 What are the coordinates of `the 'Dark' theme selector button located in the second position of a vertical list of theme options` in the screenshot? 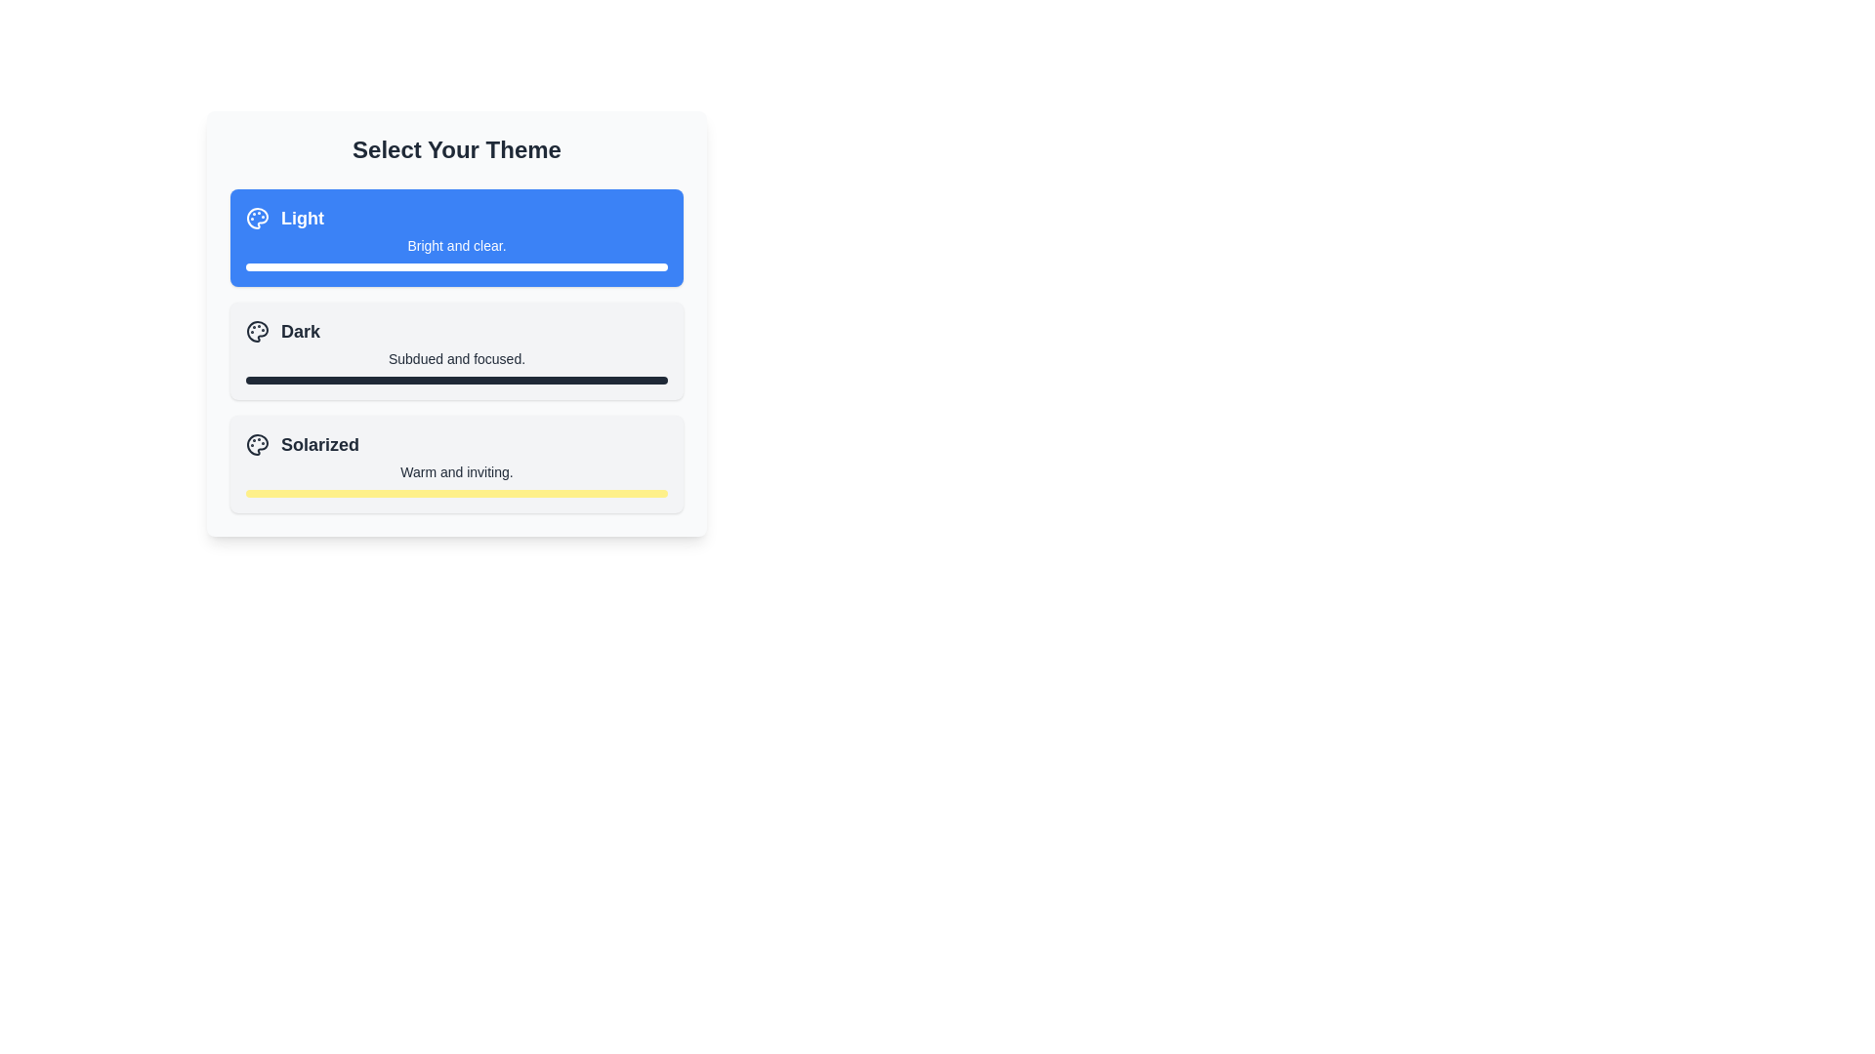 It's located at (455, 349).